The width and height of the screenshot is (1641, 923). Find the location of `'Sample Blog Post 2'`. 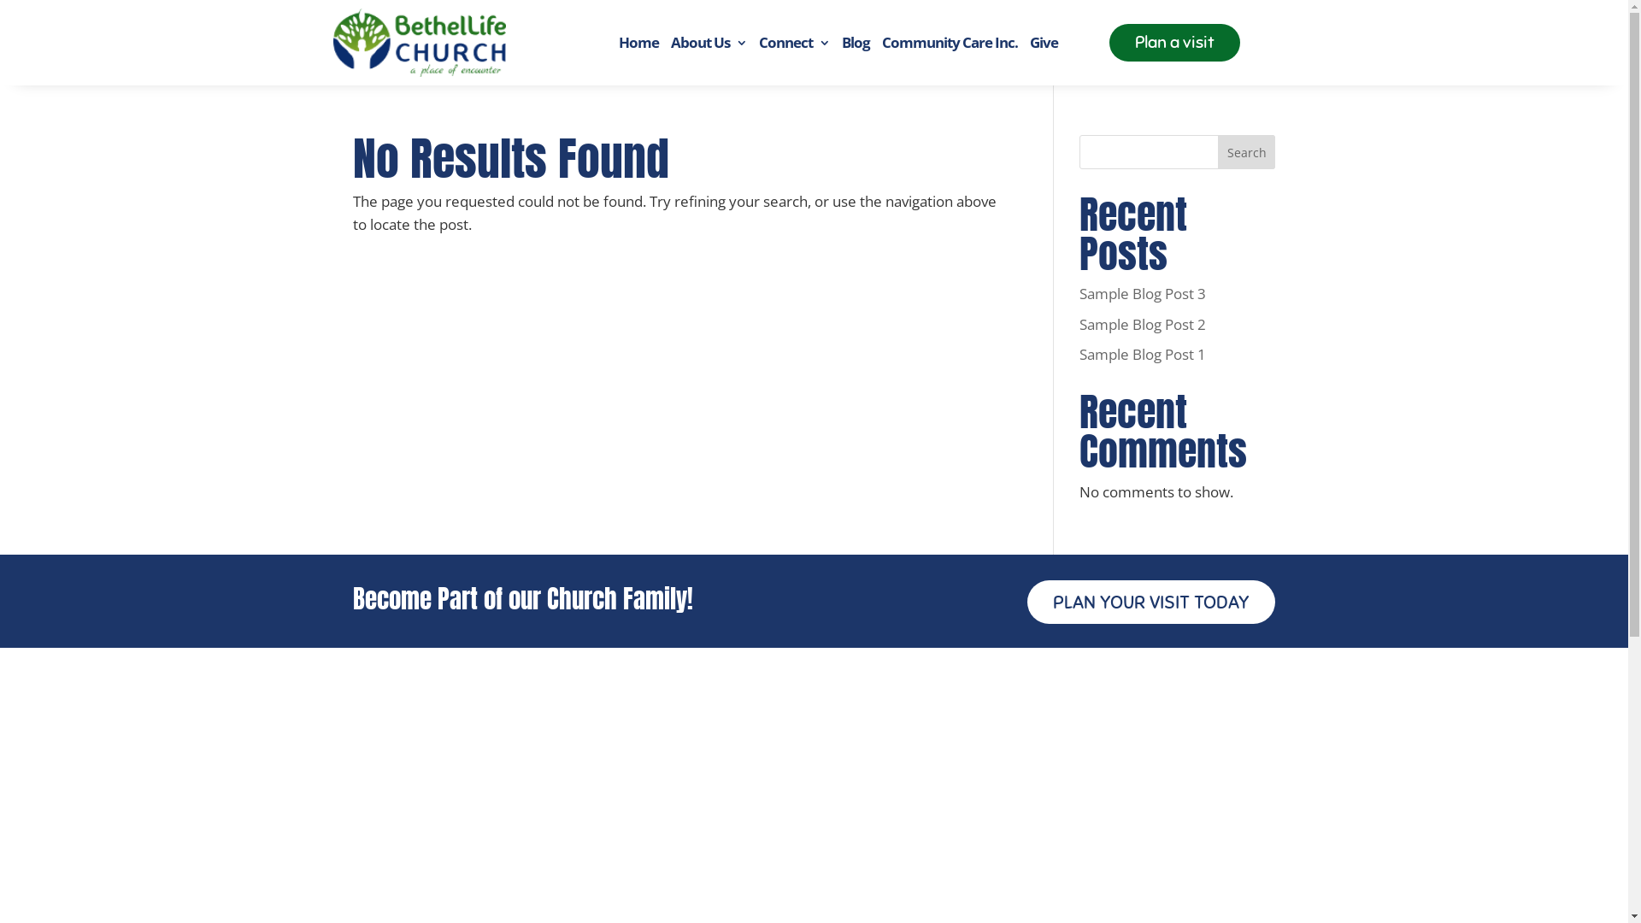

'Sample Blog Post 2' is located at coordinates (1078, 324).